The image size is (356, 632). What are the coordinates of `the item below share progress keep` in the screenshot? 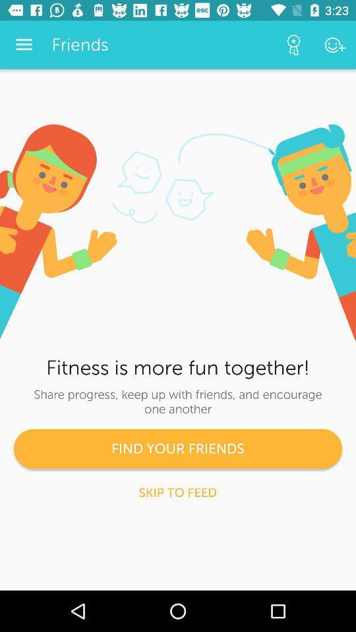 It's located at (178, 448).